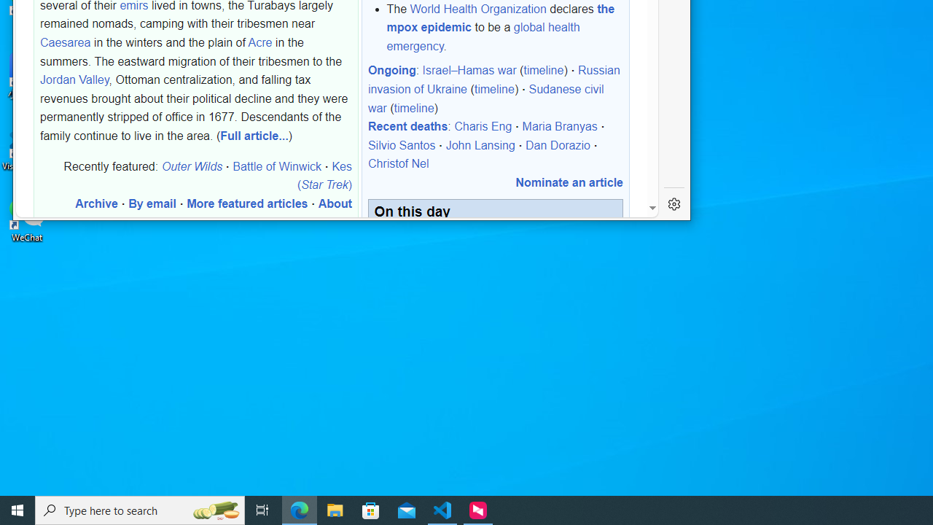 The height and width of the screenshot is (525, 933). Describe the element at coordinates (262, 509) in the screenshot. I see `'Task View'` at that location.